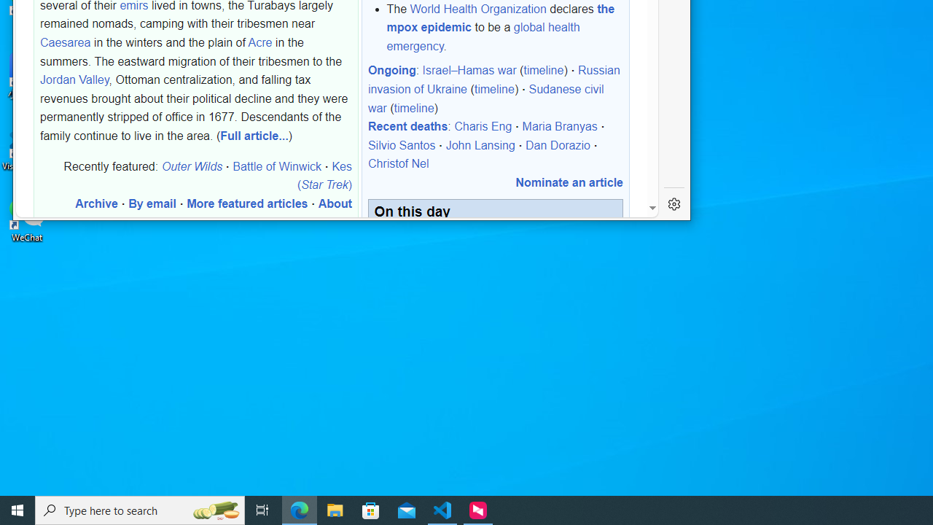 The height and width of the screenshot is (525, 933). Describe the element at coordinates (262, 509) in the screenshot. I see `'Task View'` at that location.